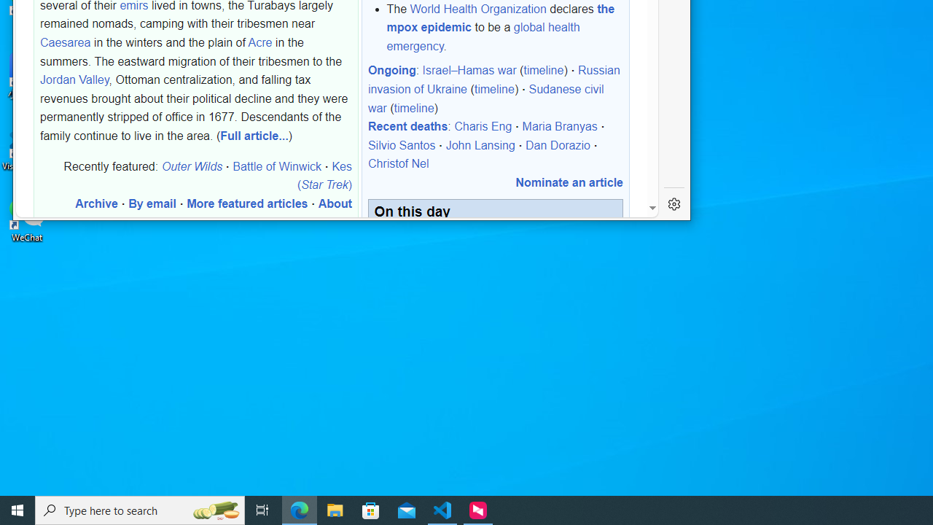 The height and width of the screenshot is (525, 933). Describe the element at coordinates (262, 509) in the screenshot. I see `'Task View'` at that location.